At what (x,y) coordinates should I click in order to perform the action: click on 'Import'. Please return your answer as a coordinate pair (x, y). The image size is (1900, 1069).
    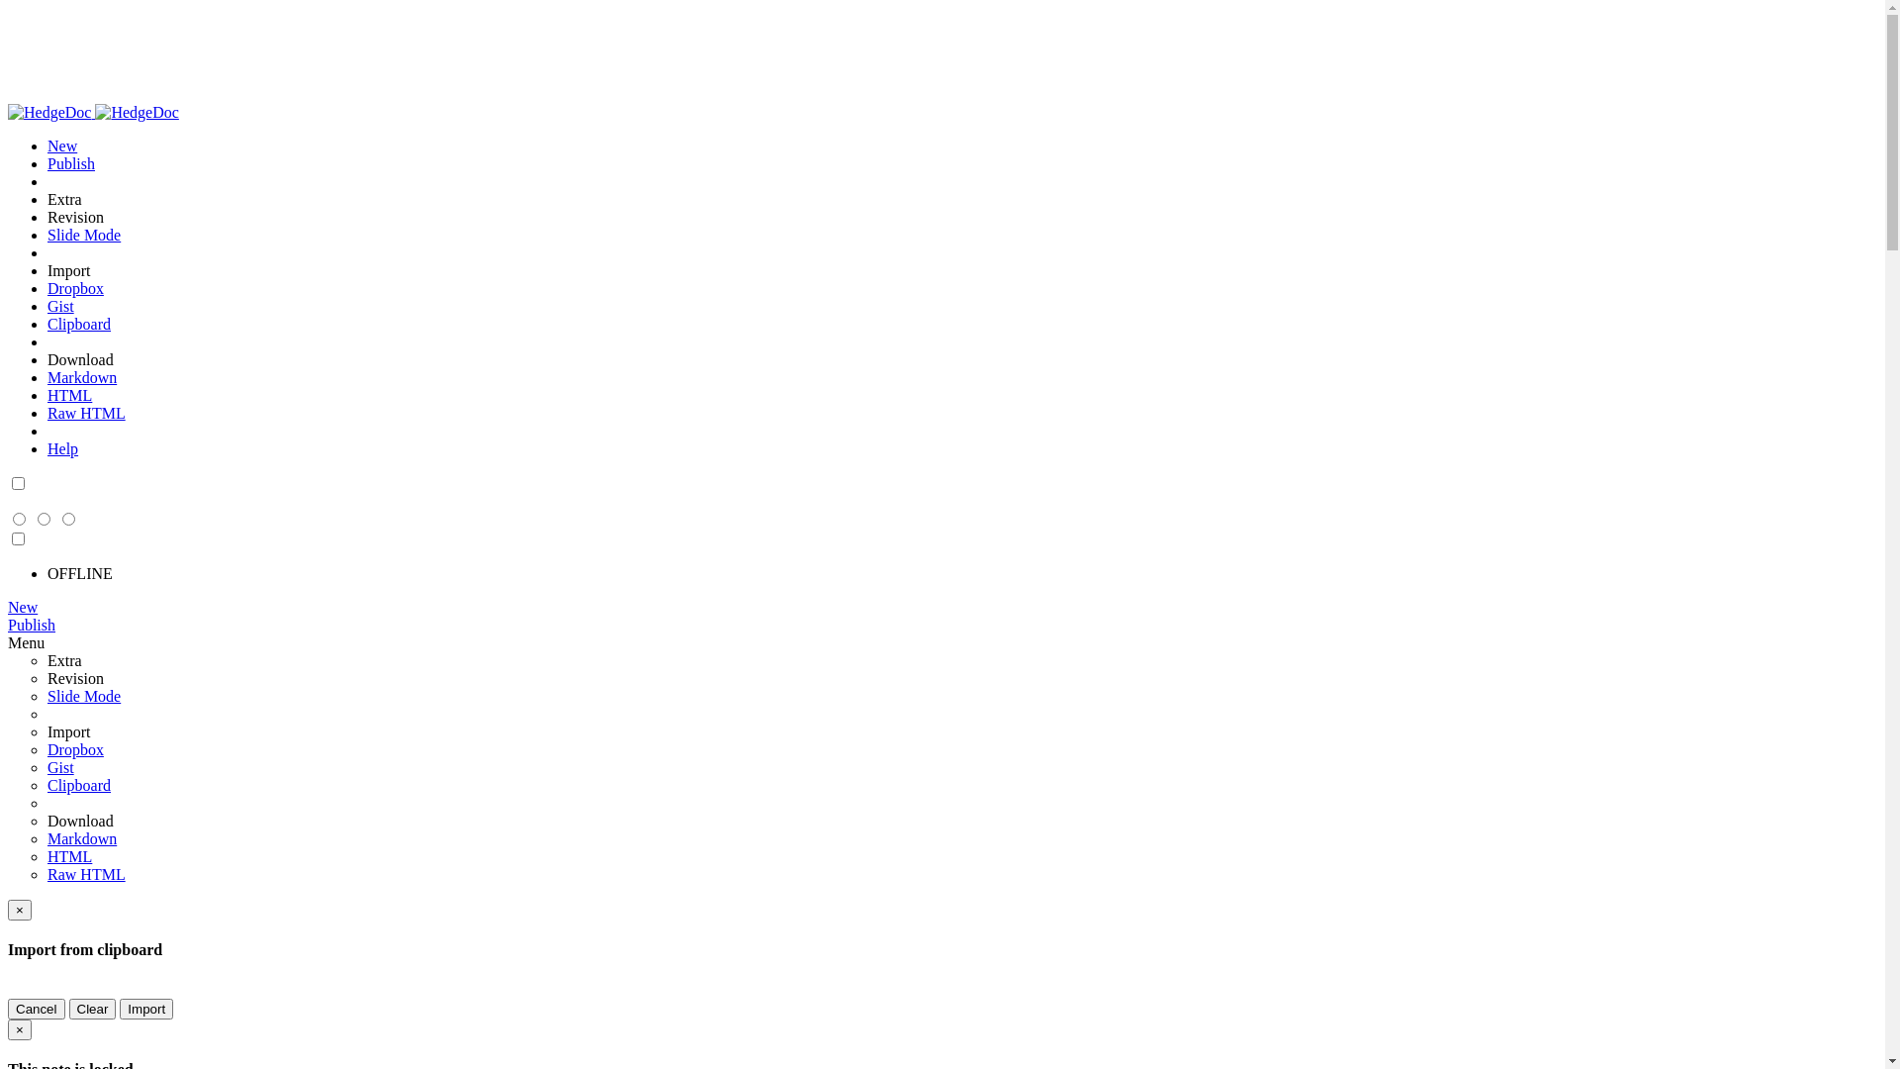
    Looking at the image, I should click on (145, 1009).